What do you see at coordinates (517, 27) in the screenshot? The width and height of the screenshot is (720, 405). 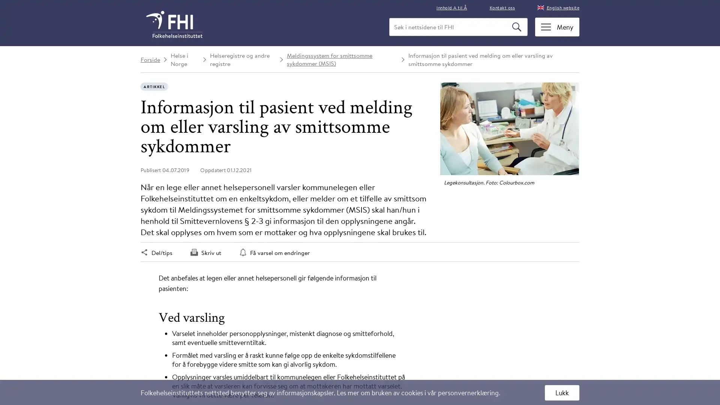 I see `Sk Sk` at bounding box center [517, 27].